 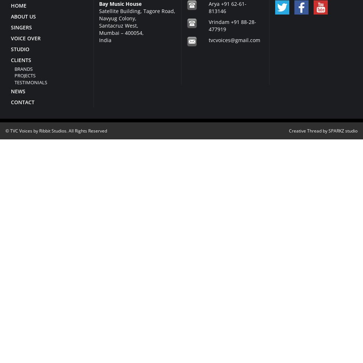 I want to click on 'Bay Music House', so click(x=99, y=3).